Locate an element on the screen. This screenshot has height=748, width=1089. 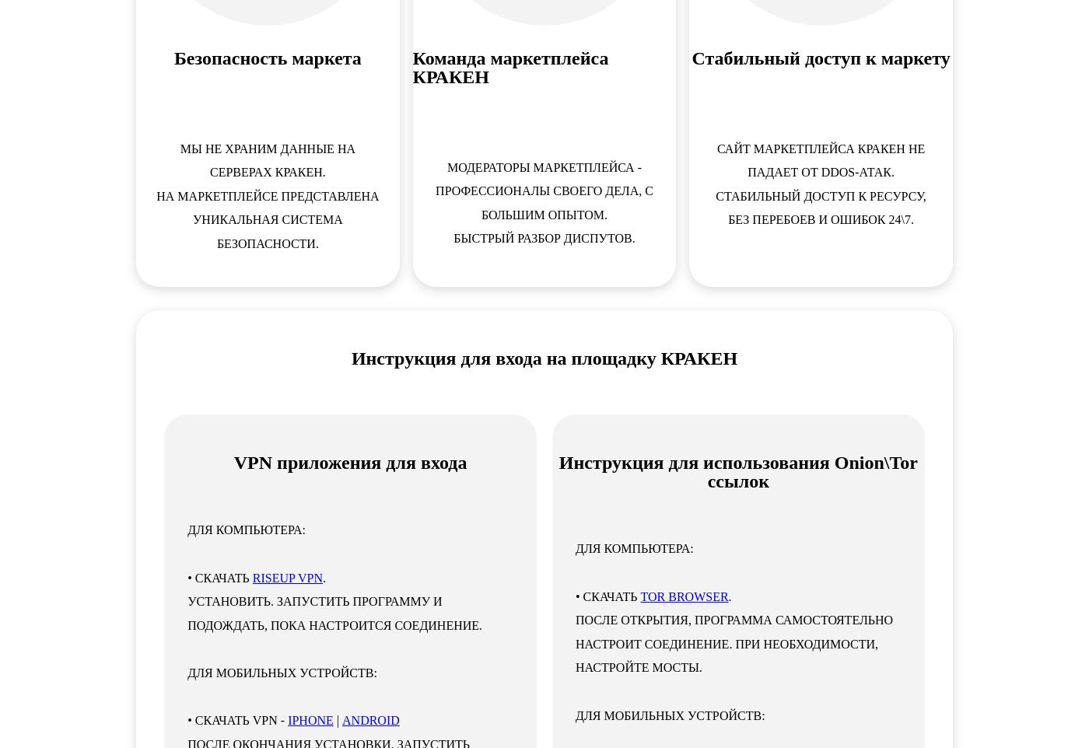
'Установить. Запустить программу и подождать,
                        пока настроится соединение.' is located at coordinates (334, 612).